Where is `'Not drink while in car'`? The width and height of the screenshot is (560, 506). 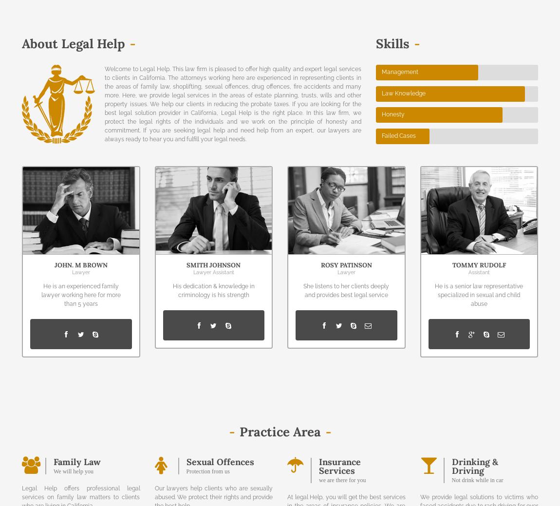 'Not drink while in car' is located at coordinates (477, 479).